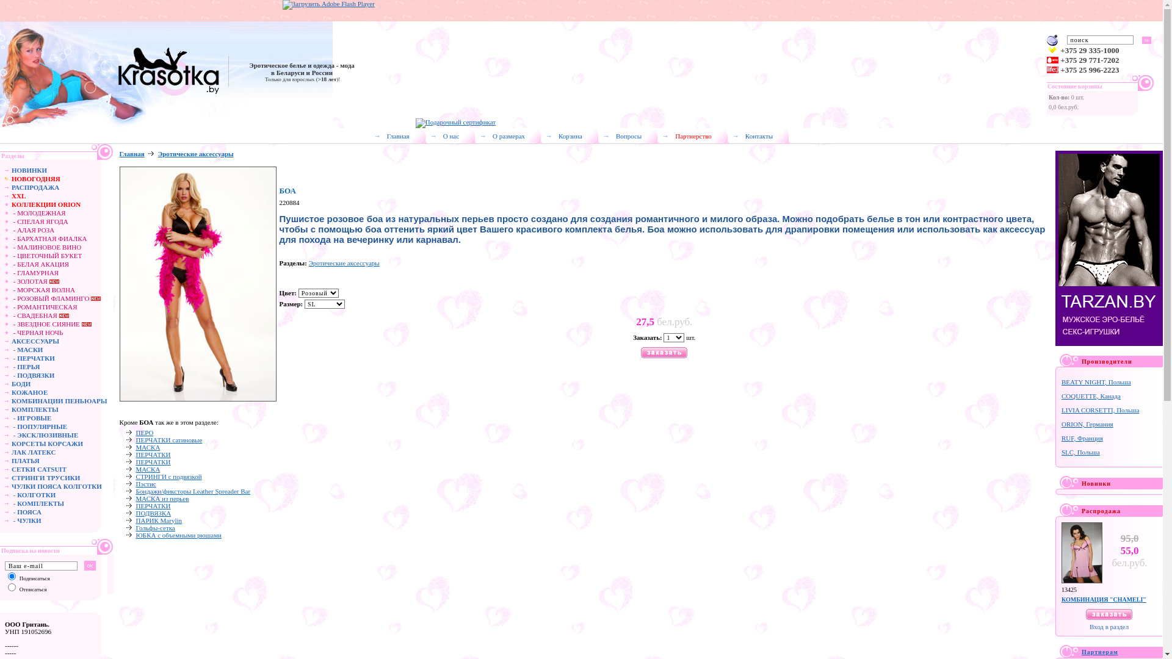  What do you see at coordinates (18, 195) in the screenshot?
I see `'XXL'` at bounding box center [18, 195].